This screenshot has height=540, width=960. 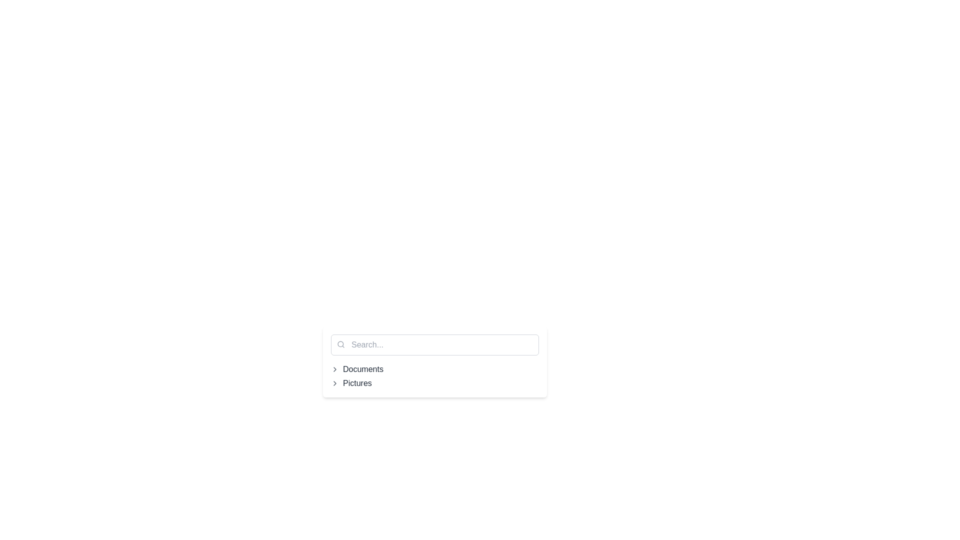 What do you see at coordinates (340, 344) in the screenshot?
I see `magnifying glass icon used for search functionality, located inside the text input box towards the left side` at bounding box center [340, 344].